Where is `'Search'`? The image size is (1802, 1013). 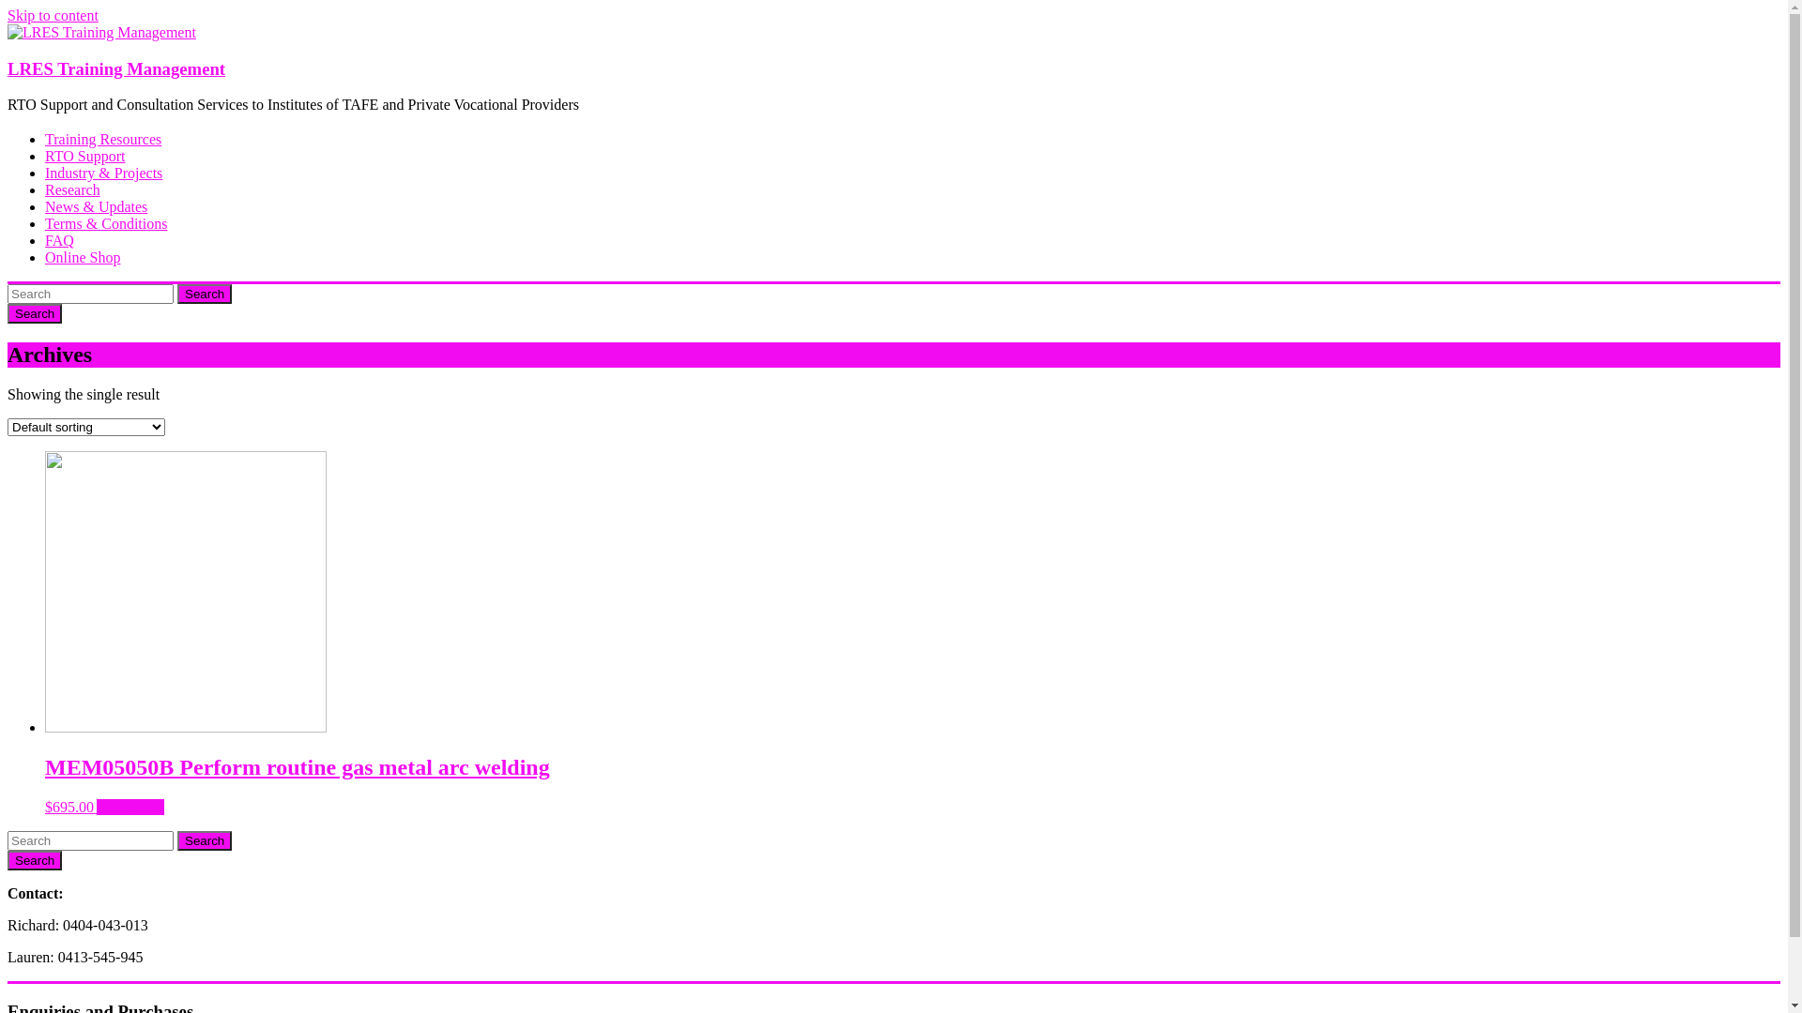
'Search' is located at coordinates (35, 860).